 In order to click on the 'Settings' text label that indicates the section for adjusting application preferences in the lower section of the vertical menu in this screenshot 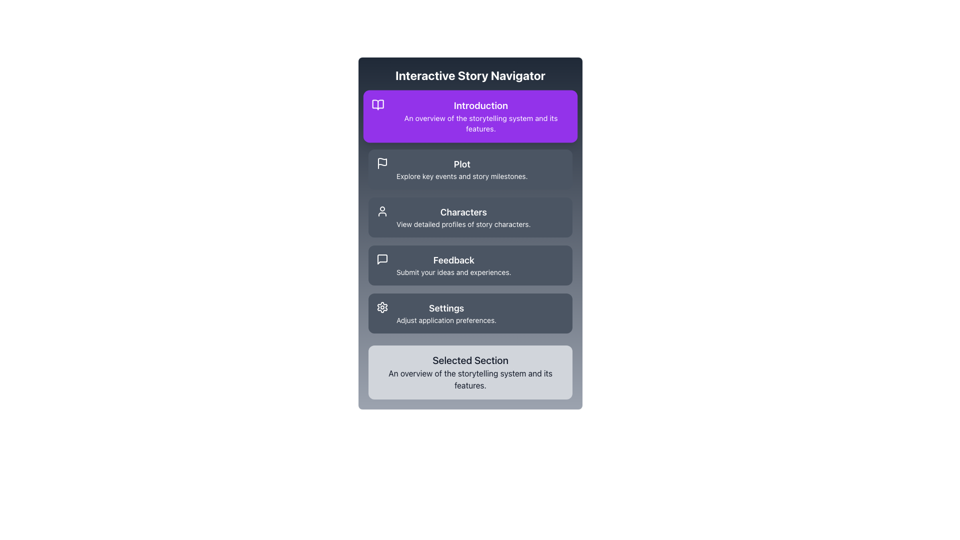, I will do `click(446, 308)`.